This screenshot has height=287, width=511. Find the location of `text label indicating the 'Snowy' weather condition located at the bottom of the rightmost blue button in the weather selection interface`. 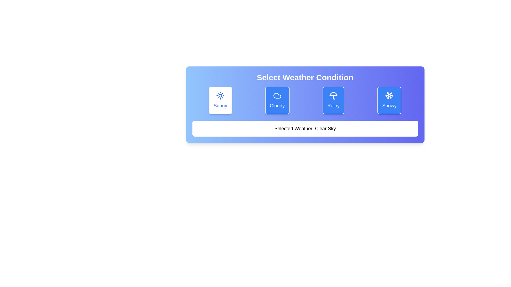

text label indicating the 'Snowy' weather condition located at the bottom of the rightmost blue button in the weather selection interface is located at coordinates (389, 105).